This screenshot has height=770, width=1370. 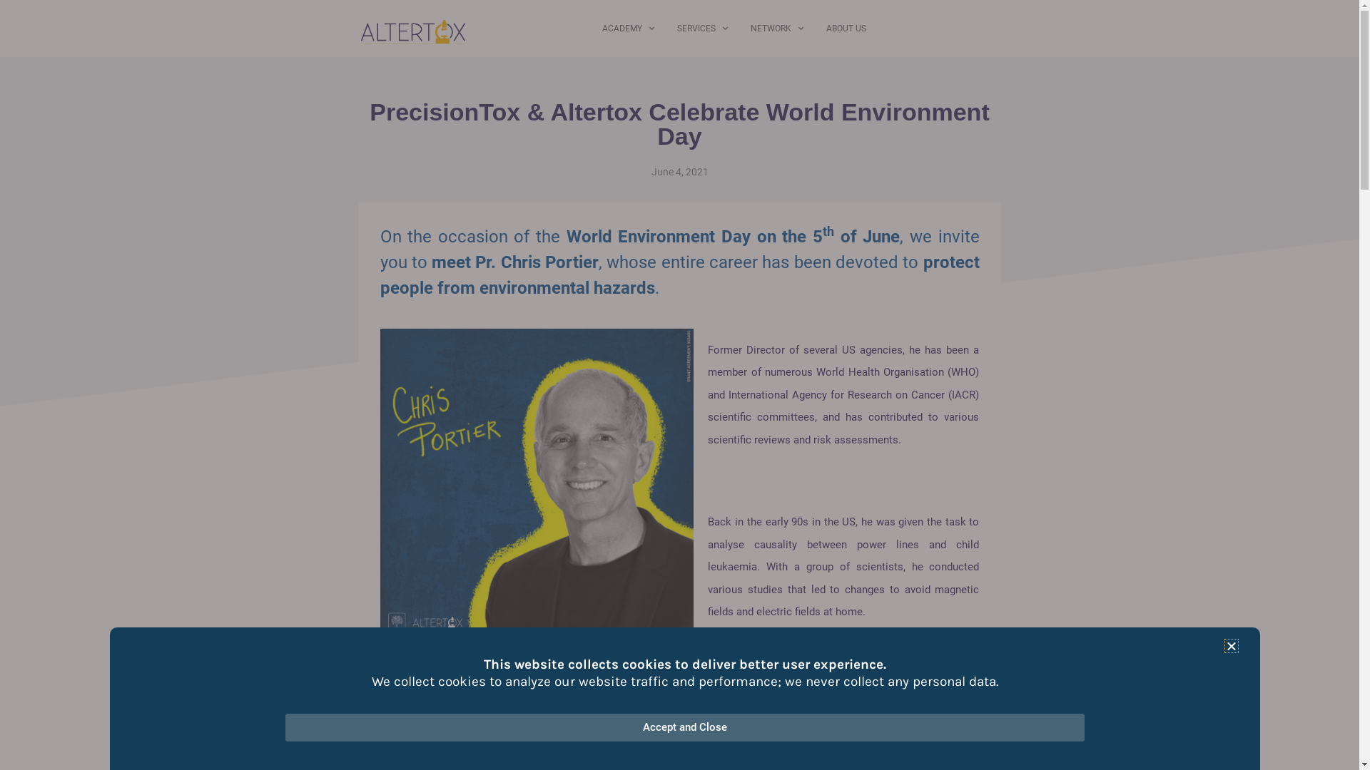 What do you see at coordinates (497, 748) in the screenshot?
I see `'A Human Health Perspective on Climate Change'` at bounding box center [497, 748].